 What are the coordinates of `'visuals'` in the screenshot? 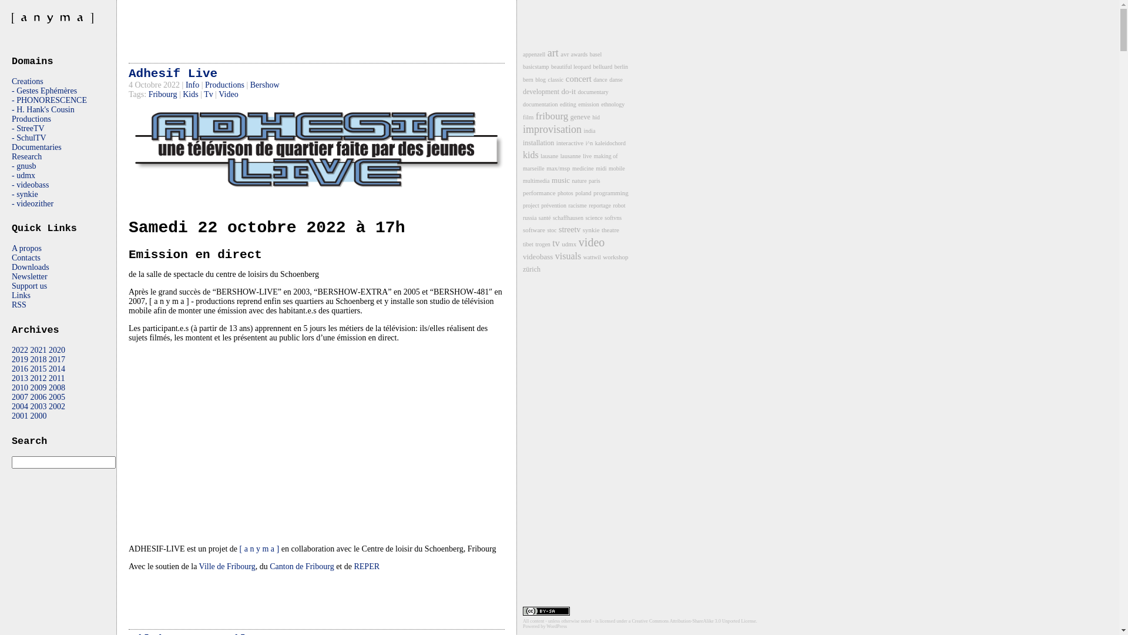 It's located at (568, 255).